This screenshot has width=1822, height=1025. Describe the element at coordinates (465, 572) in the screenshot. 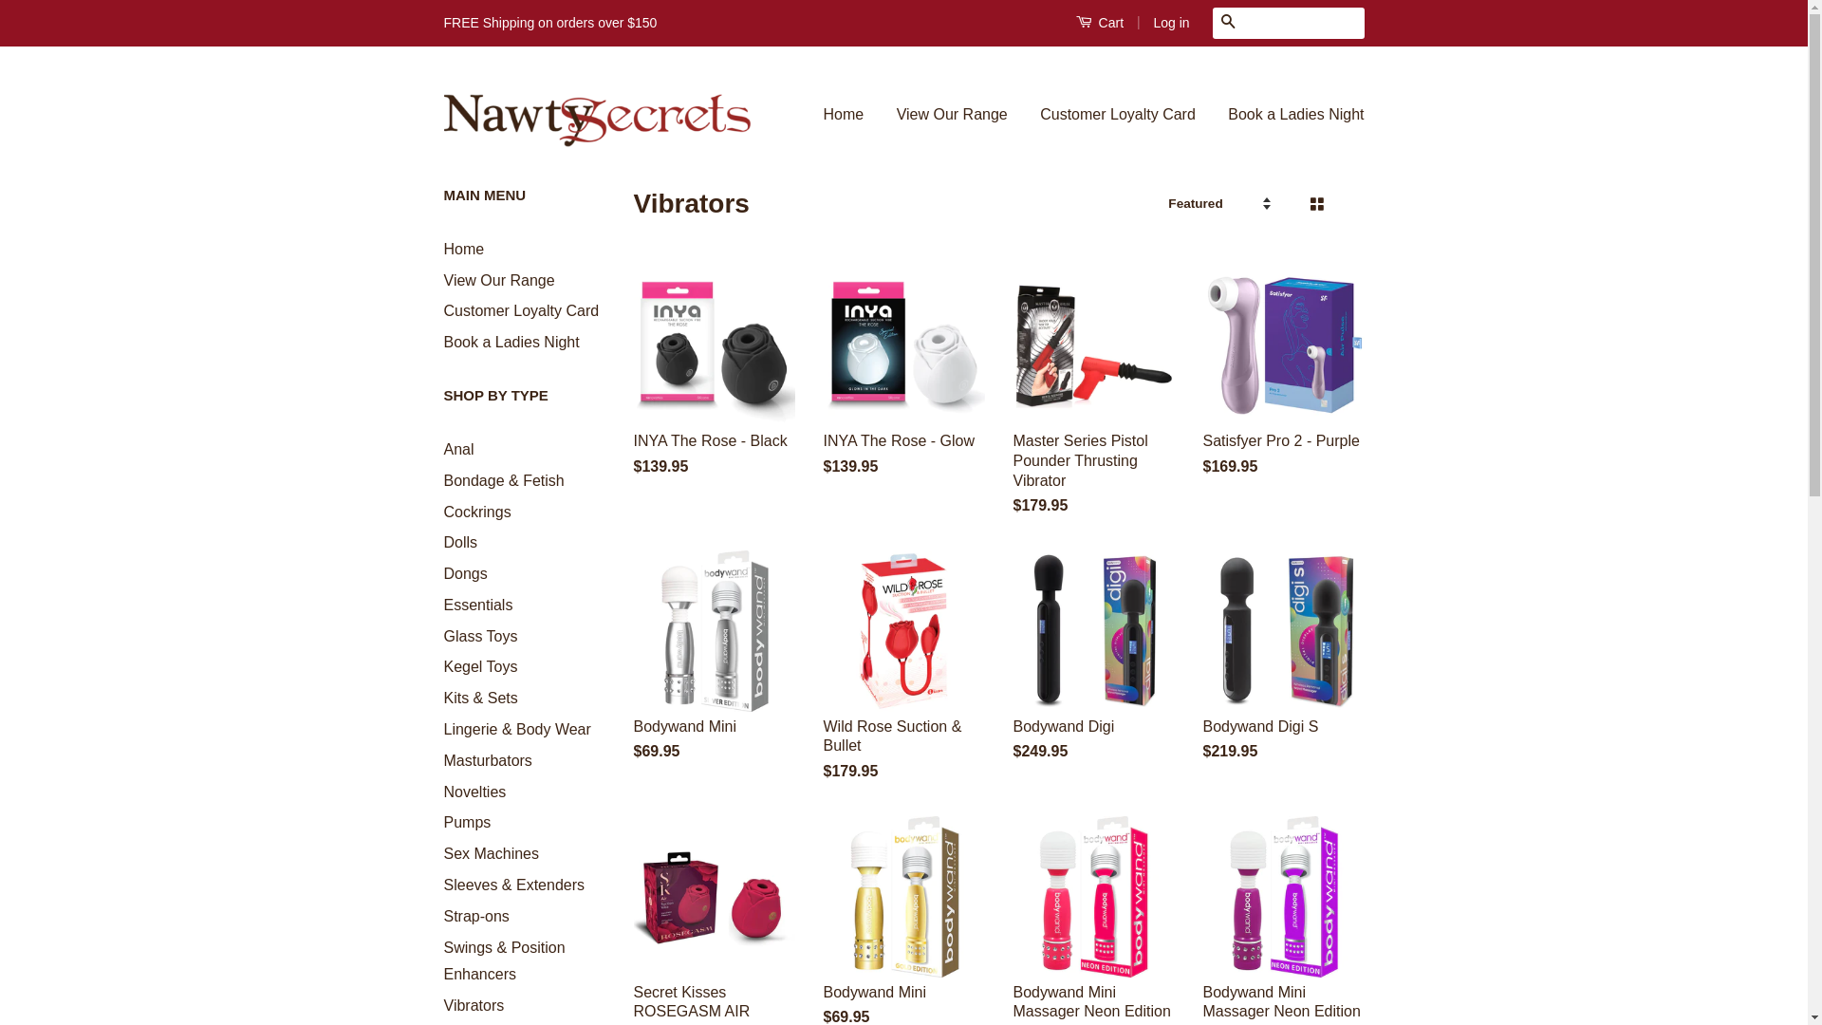

I see `'Dongs'` at that location.